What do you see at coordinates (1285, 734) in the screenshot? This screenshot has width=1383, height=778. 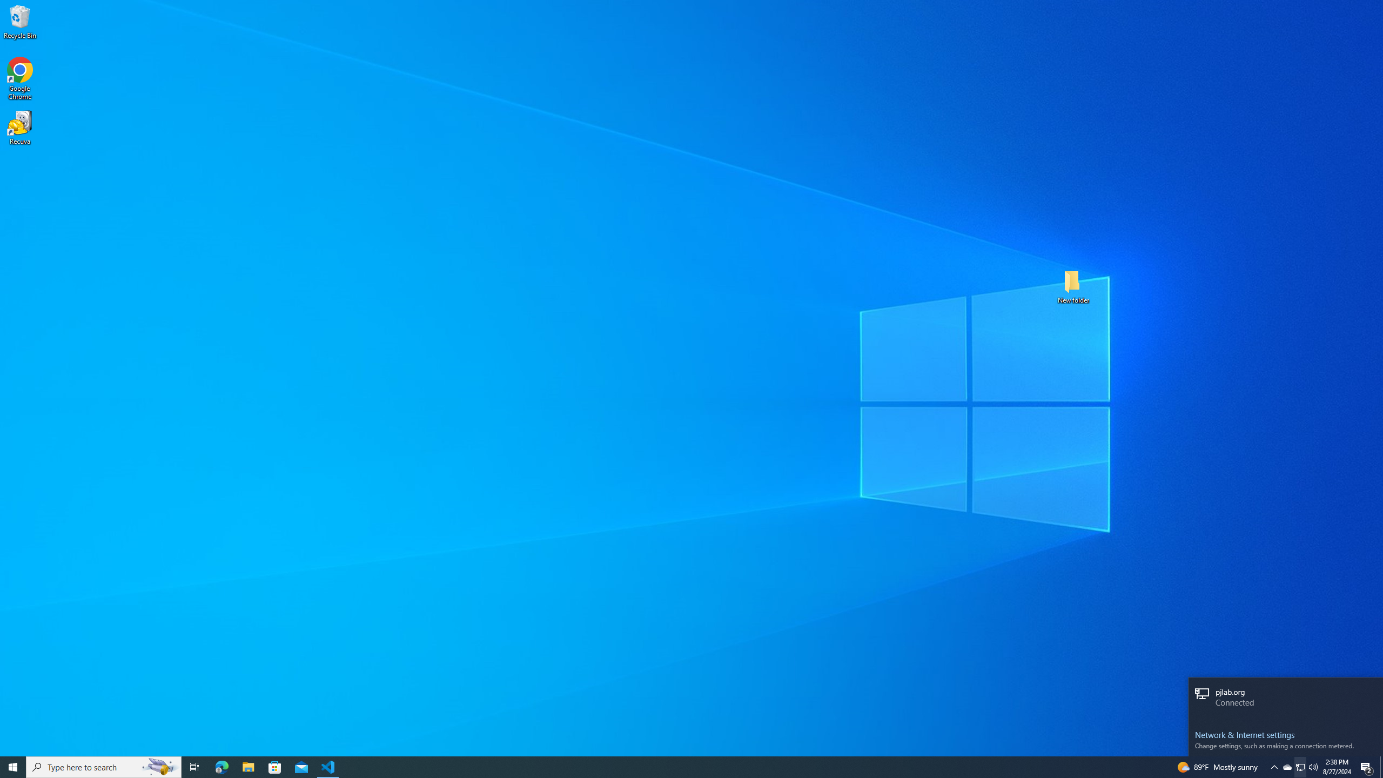 I see `'Network & Internet settings'` at bounding box center [1285, 734].